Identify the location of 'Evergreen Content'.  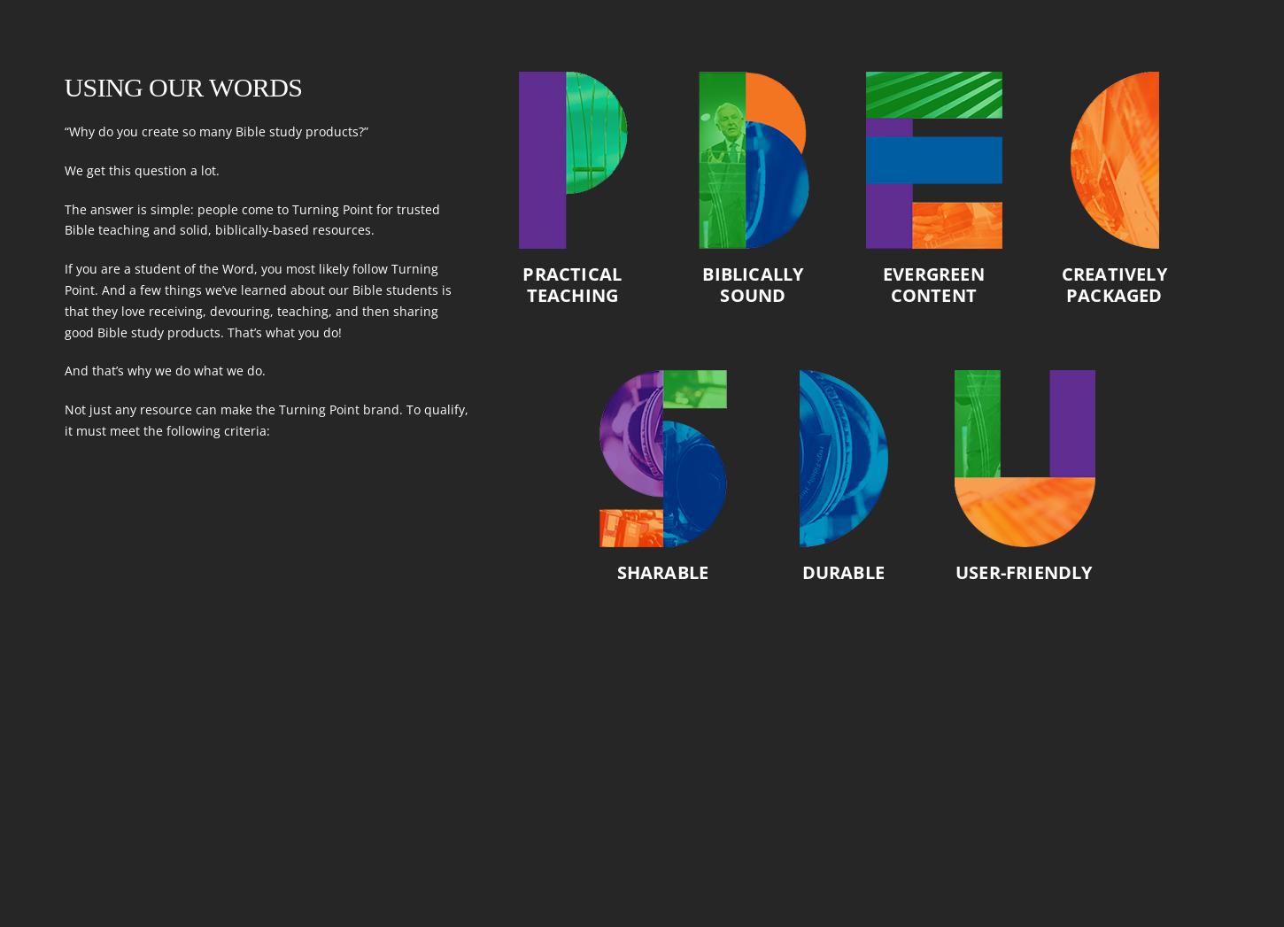
(932, 283).